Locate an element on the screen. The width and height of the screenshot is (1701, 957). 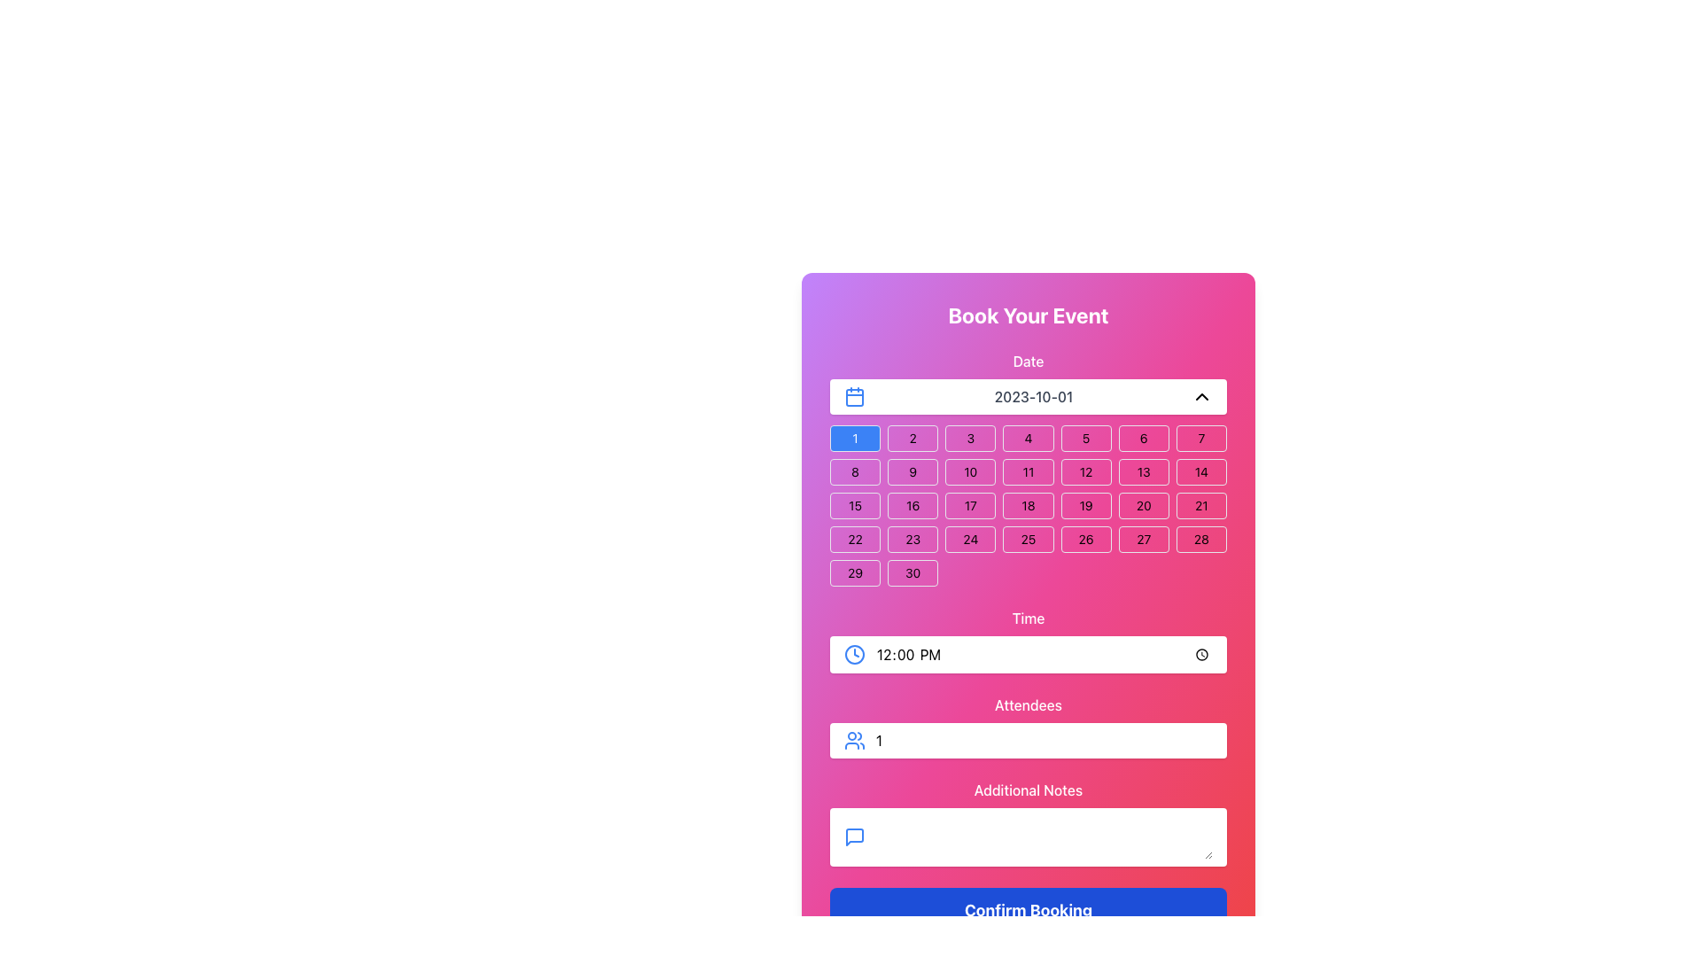
the date selection button located in the second row of the grid layout, directly below the '1' button is located at coordinates (855, 471).